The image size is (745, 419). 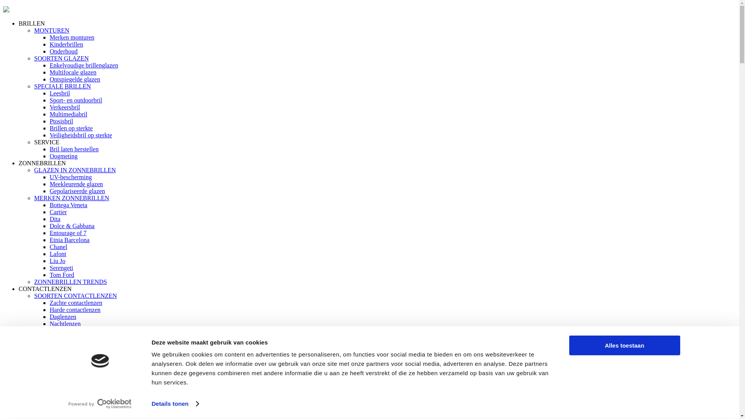 What do you see at coordinates (49, 407) in the screenshot?
I see `'DIENSTEN'` at bounding box center [49, 407].